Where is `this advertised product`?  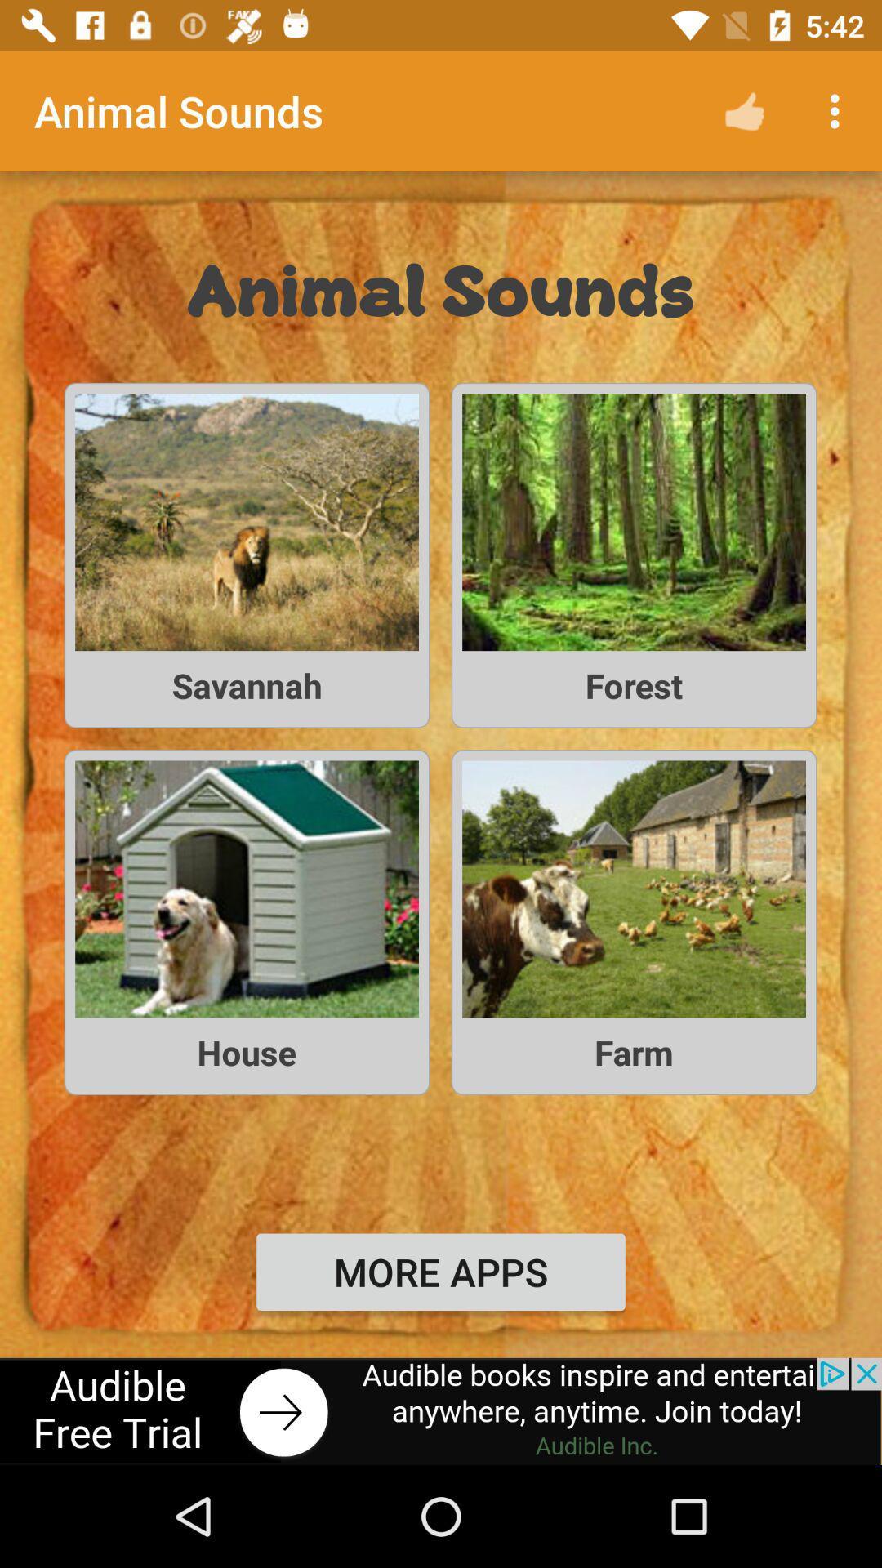
this advertised product is located at coordinates (441, 1410).